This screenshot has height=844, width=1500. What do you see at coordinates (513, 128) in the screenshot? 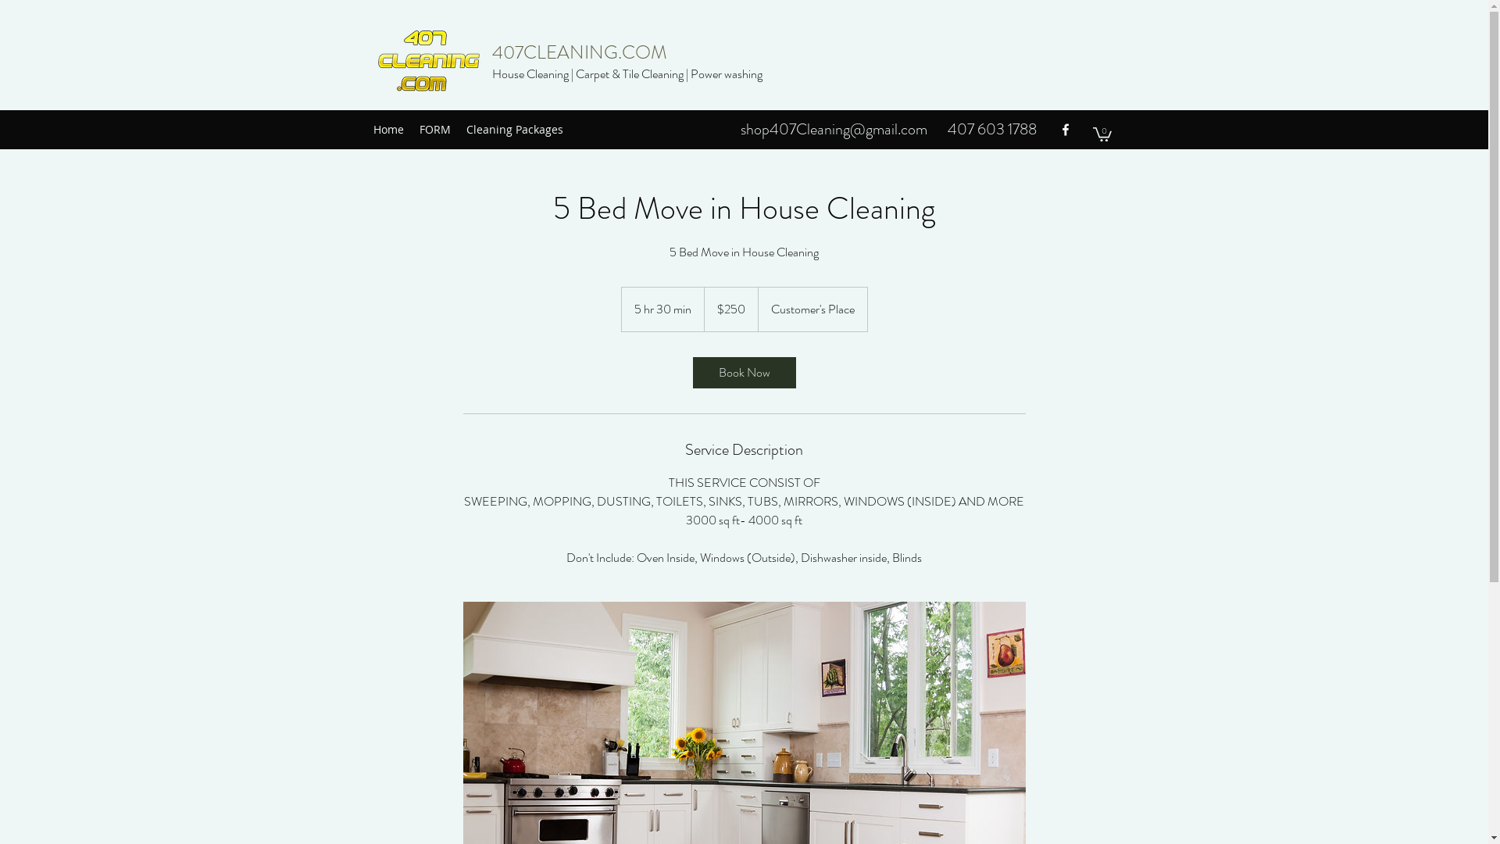
I see `'Cleaning Packages'` at bounding box center [513, 128].